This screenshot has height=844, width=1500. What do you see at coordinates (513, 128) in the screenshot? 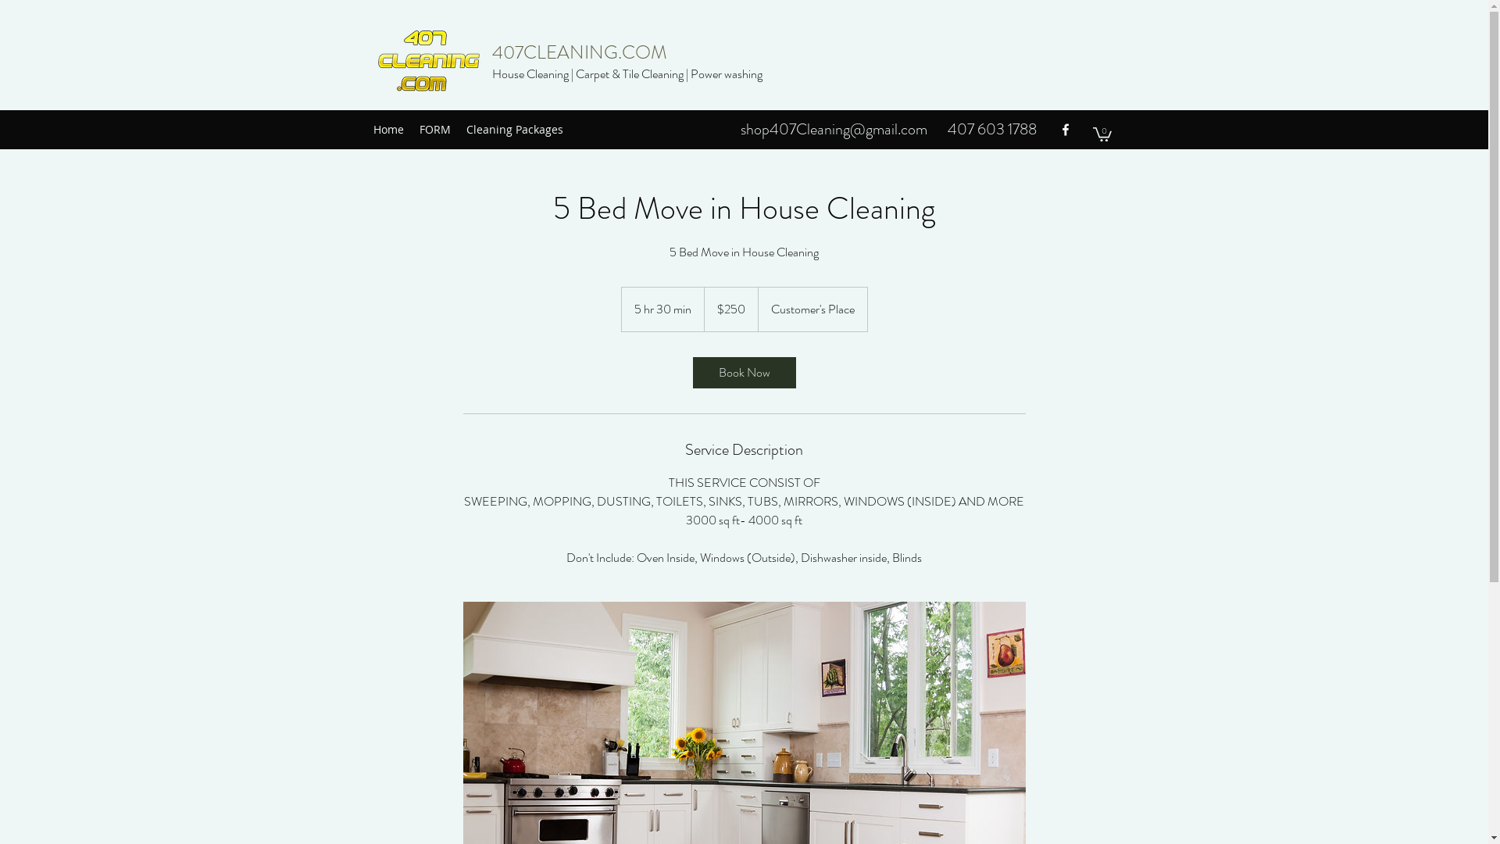
I see `'Cleaning Packages'` at bounding box center [513, 128].